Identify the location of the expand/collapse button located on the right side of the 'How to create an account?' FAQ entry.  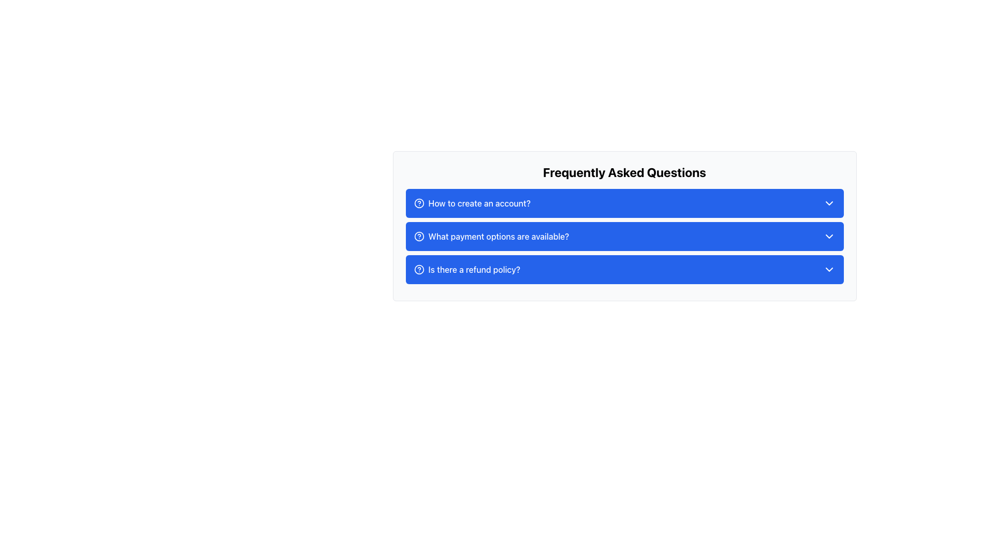
(829, 203).